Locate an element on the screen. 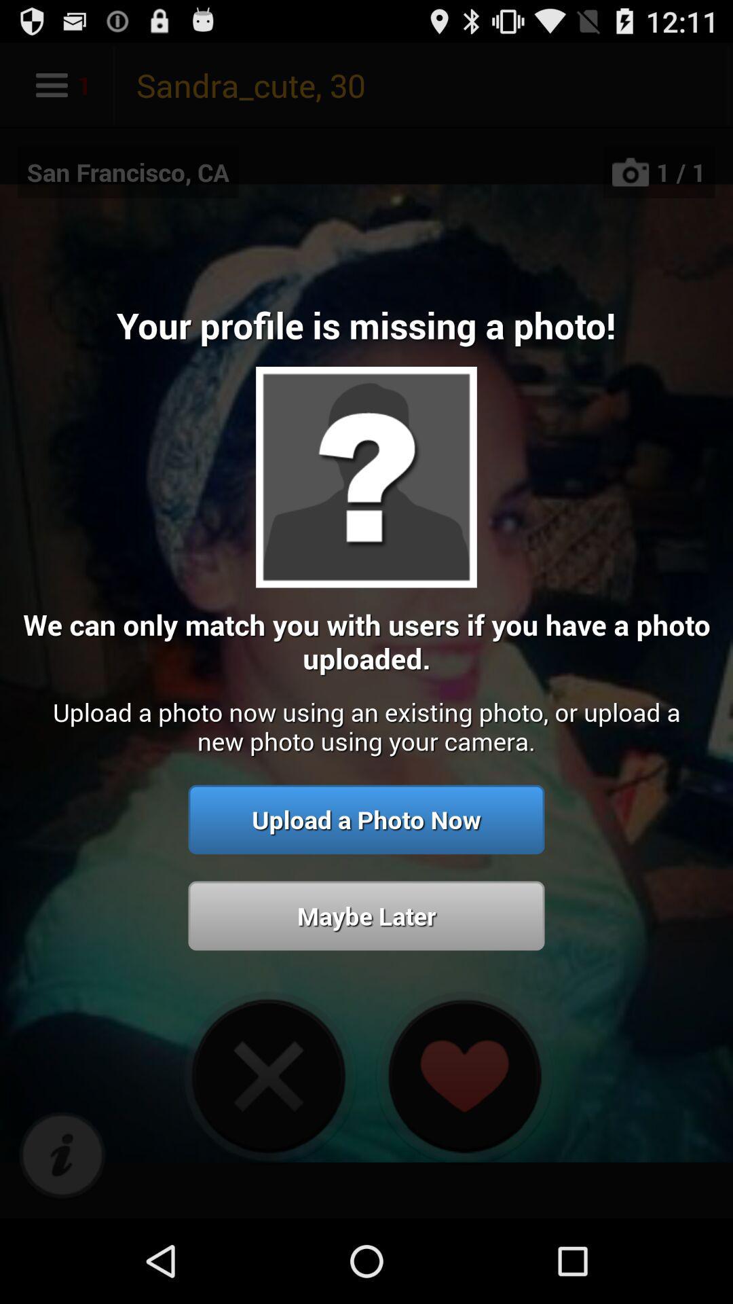 The width and height of the screenshot is (733, 1304). the maybe later is located at coordinates (366, 916).